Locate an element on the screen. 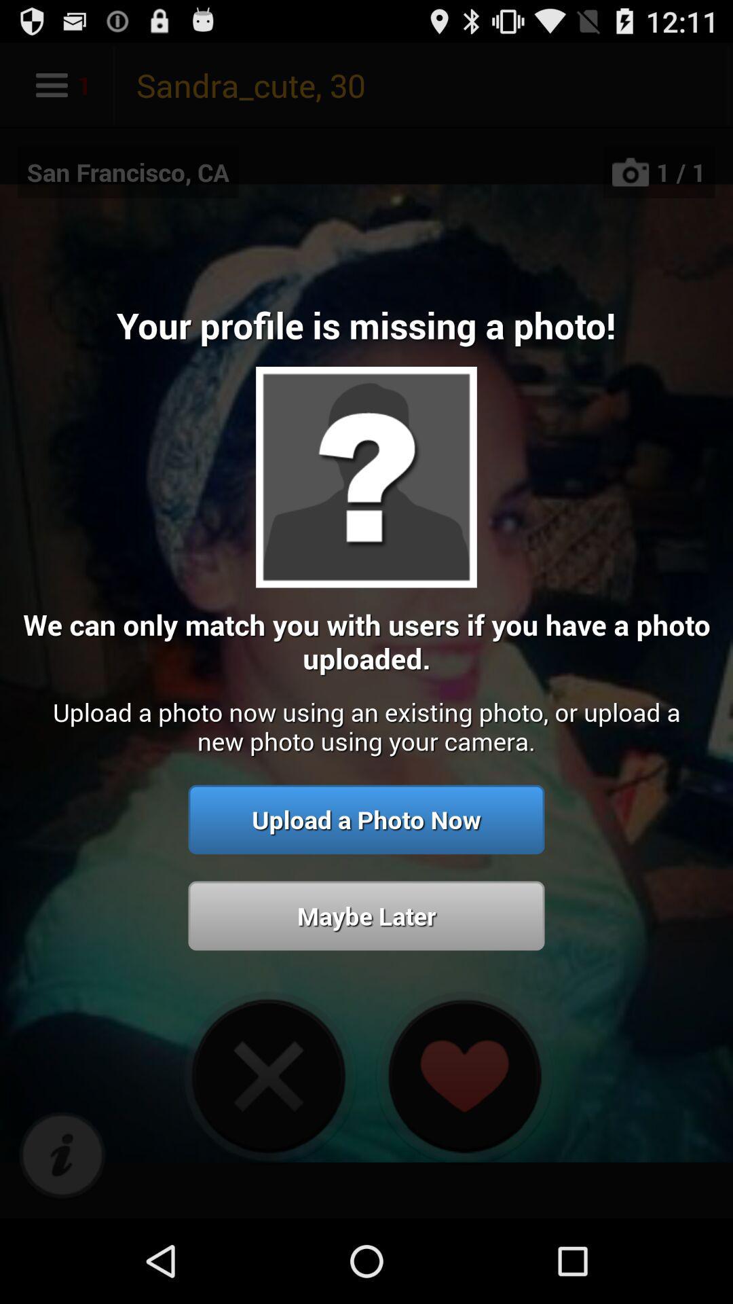 The width and height of the screenshot is (733, 1304). the maybe later is located at coordinates (366, 916).